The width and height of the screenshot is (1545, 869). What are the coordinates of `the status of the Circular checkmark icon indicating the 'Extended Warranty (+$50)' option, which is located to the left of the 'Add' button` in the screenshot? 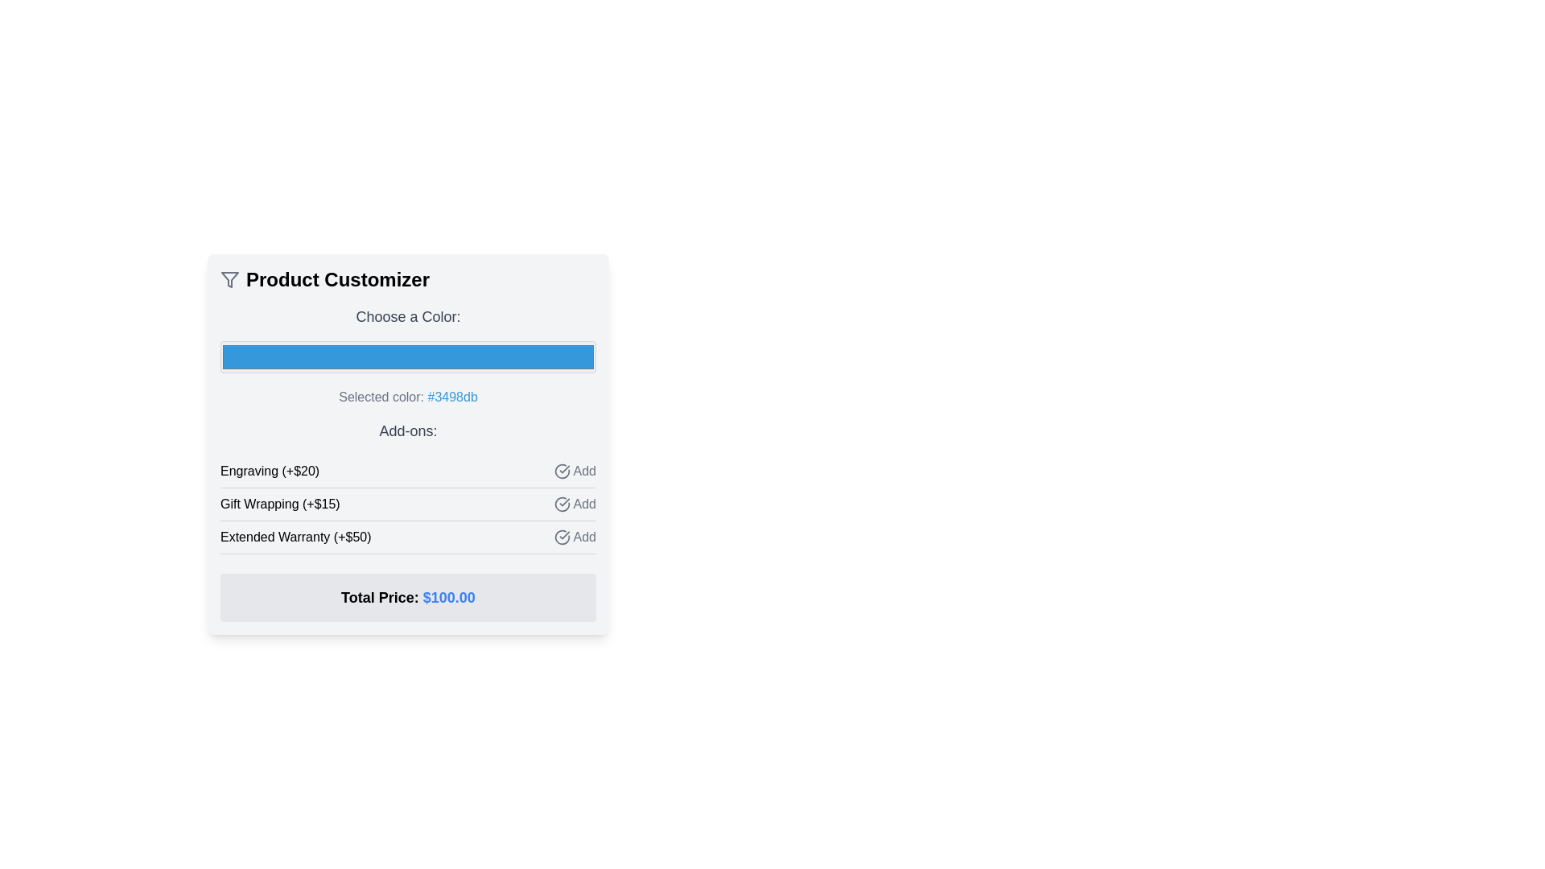 It's located at (562, 537).